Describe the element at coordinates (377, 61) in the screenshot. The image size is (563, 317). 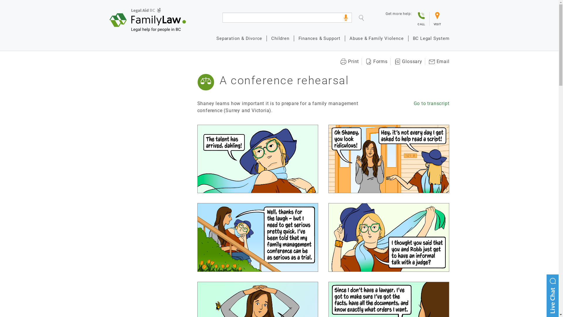
I see `'Forms'` at that location.